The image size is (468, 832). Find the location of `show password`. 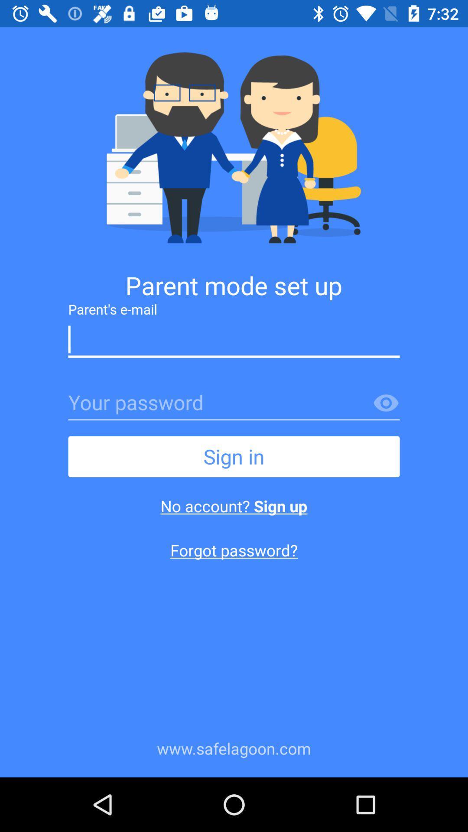

show password is located at coordinates (386, 403).